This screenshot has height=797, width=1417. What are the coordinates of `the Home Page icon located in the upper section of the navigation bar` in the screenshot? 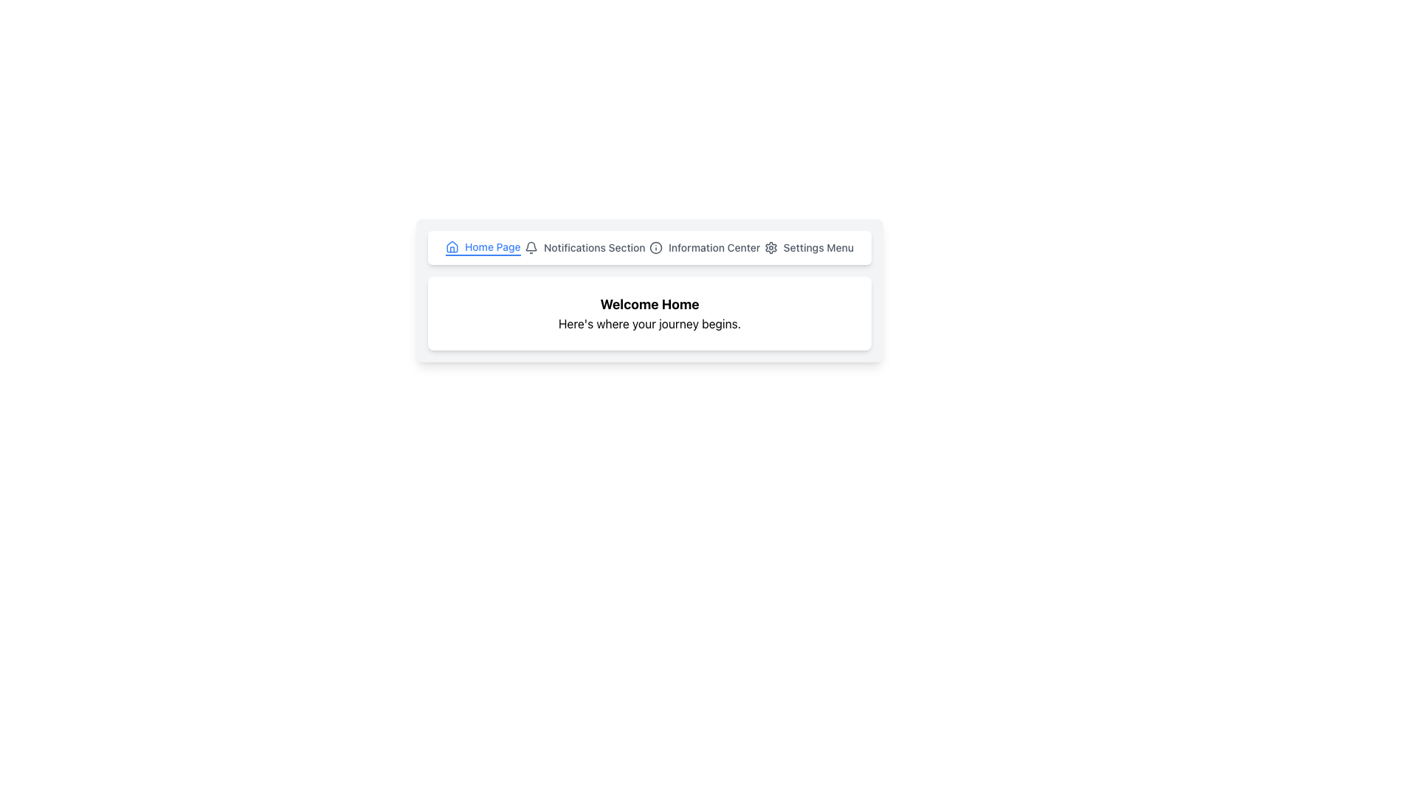 It's located at (452, 246).